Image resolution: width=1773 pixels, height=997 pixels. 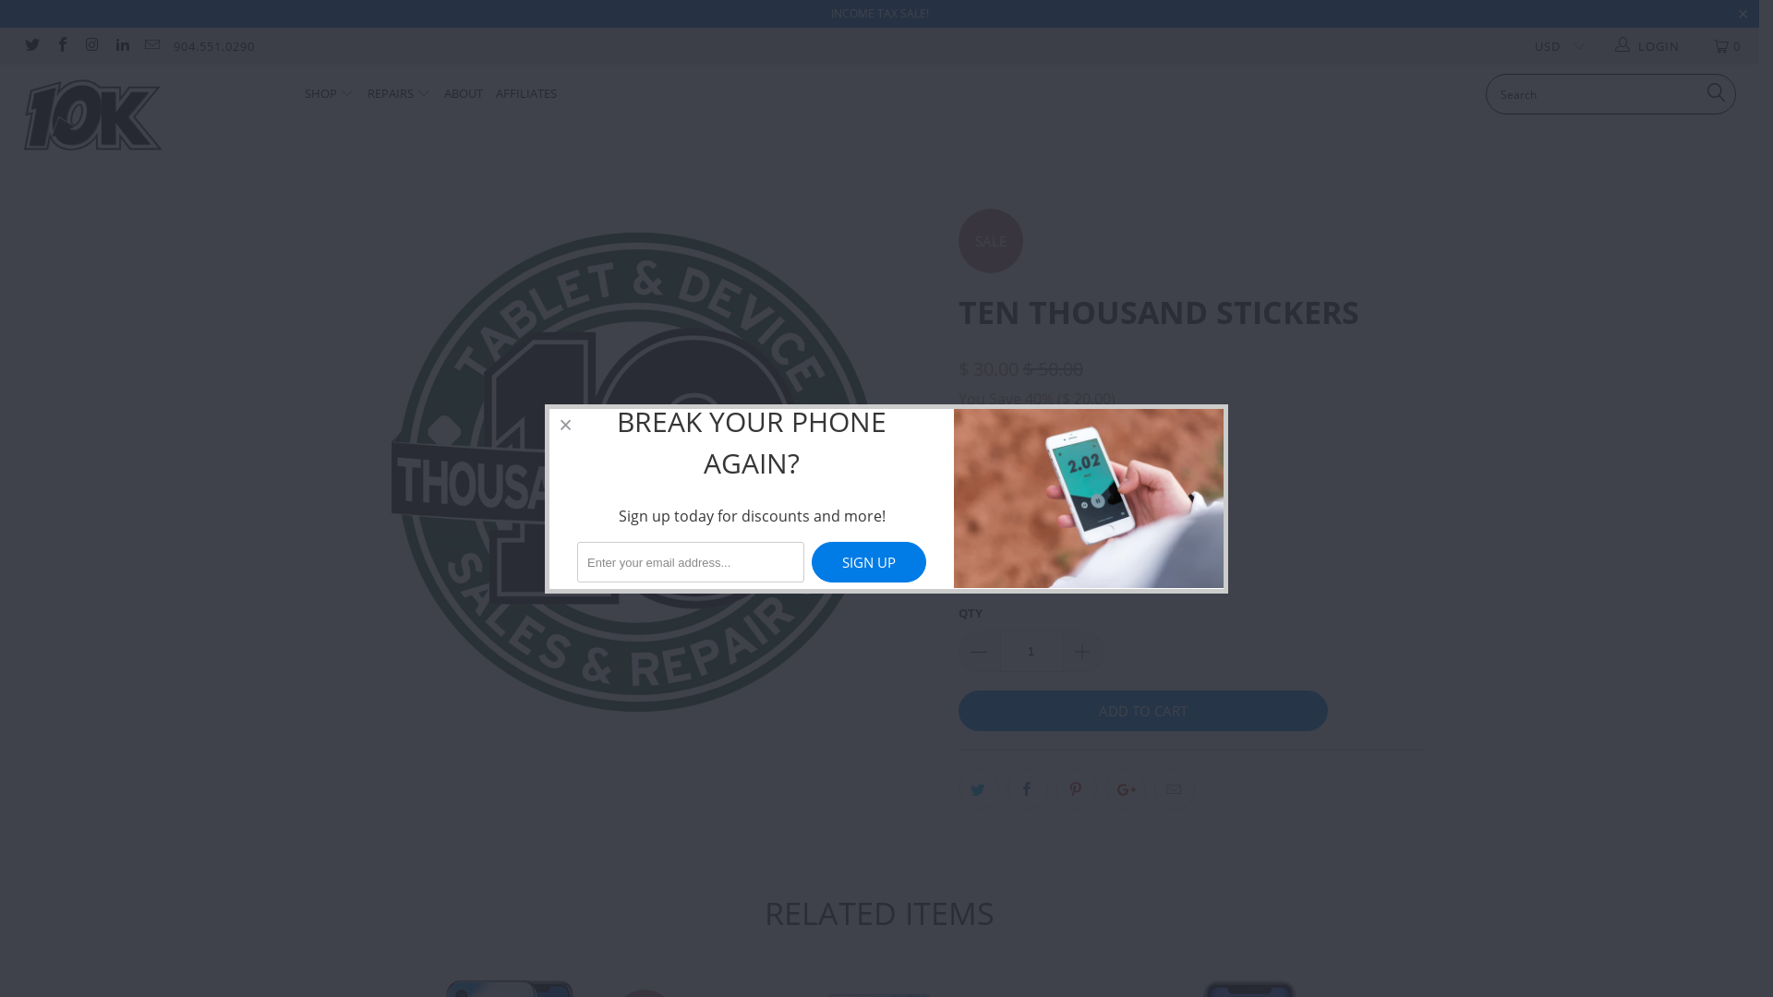 I want to click on 'Sign Up', so click(x=867, y=561).